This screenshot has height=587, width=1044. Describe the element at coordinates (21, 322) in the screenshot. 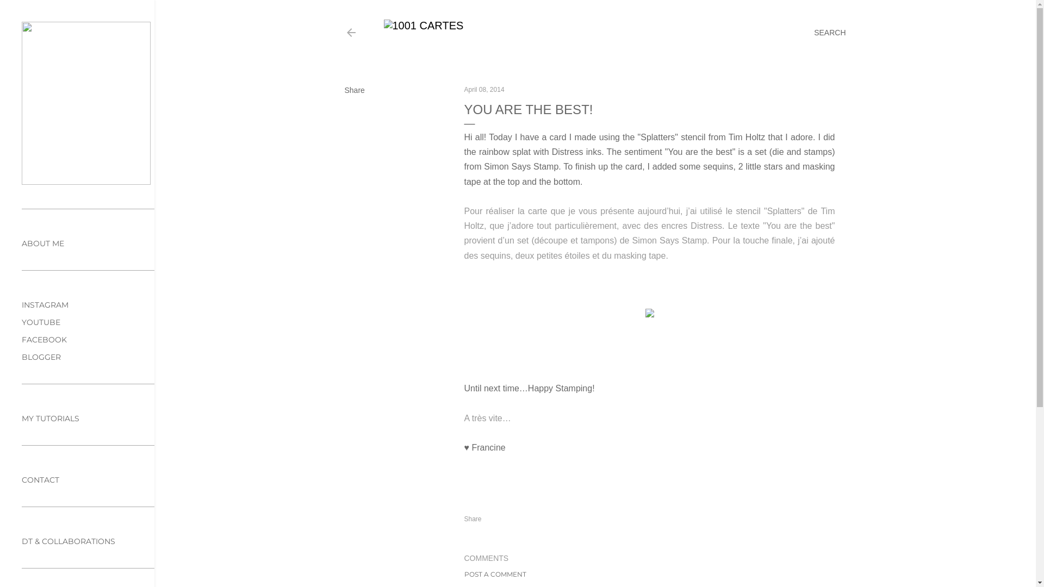

I see `'YOUTUBE'` at that location.